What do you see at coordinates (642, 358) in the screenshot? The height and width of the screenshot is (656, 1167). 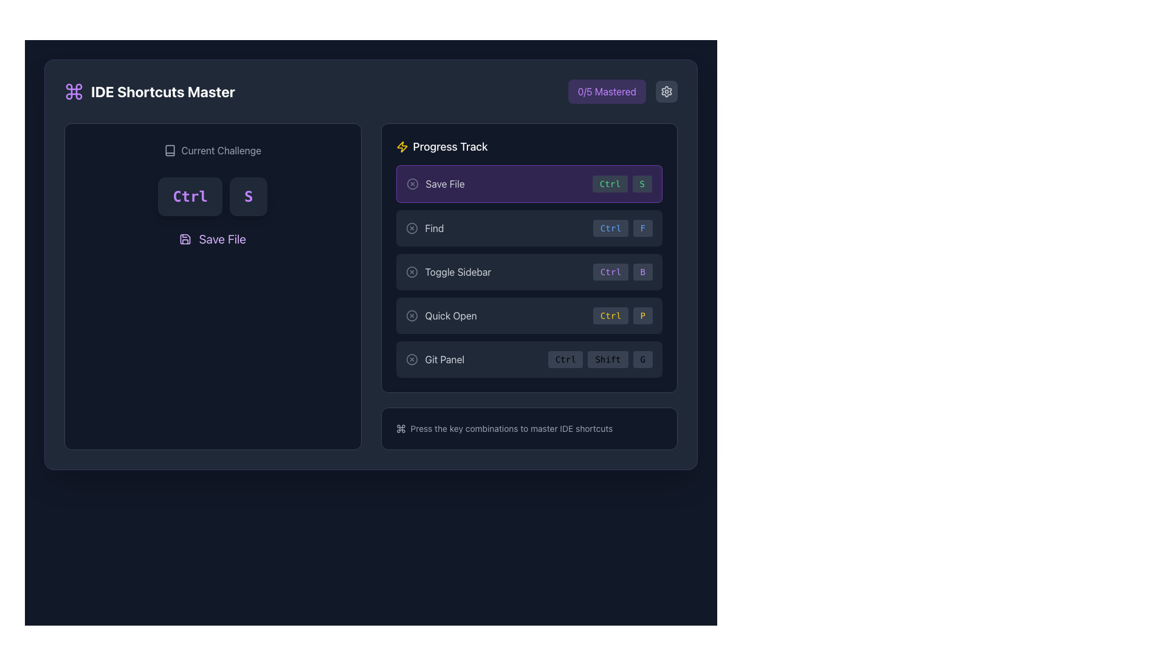 I see `the 'G' button in the 'Git Panel' row of the 'Progress Track' panel` at bounding box center [642, 358].